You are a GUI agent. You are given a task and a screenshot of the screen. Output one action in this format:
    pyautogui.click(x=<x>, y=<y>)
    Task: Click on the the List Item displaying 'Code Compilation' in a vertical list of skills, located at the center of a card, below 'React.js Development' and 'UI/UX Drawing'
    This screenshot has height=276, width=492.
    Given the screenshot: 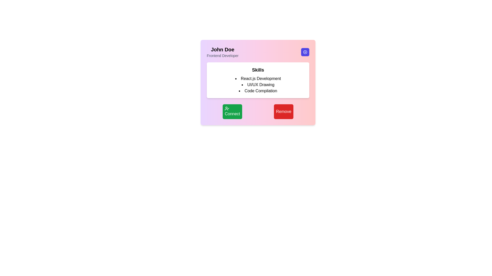 What is the action you would take?
    pyautogui.click(x=258, y=90)
    